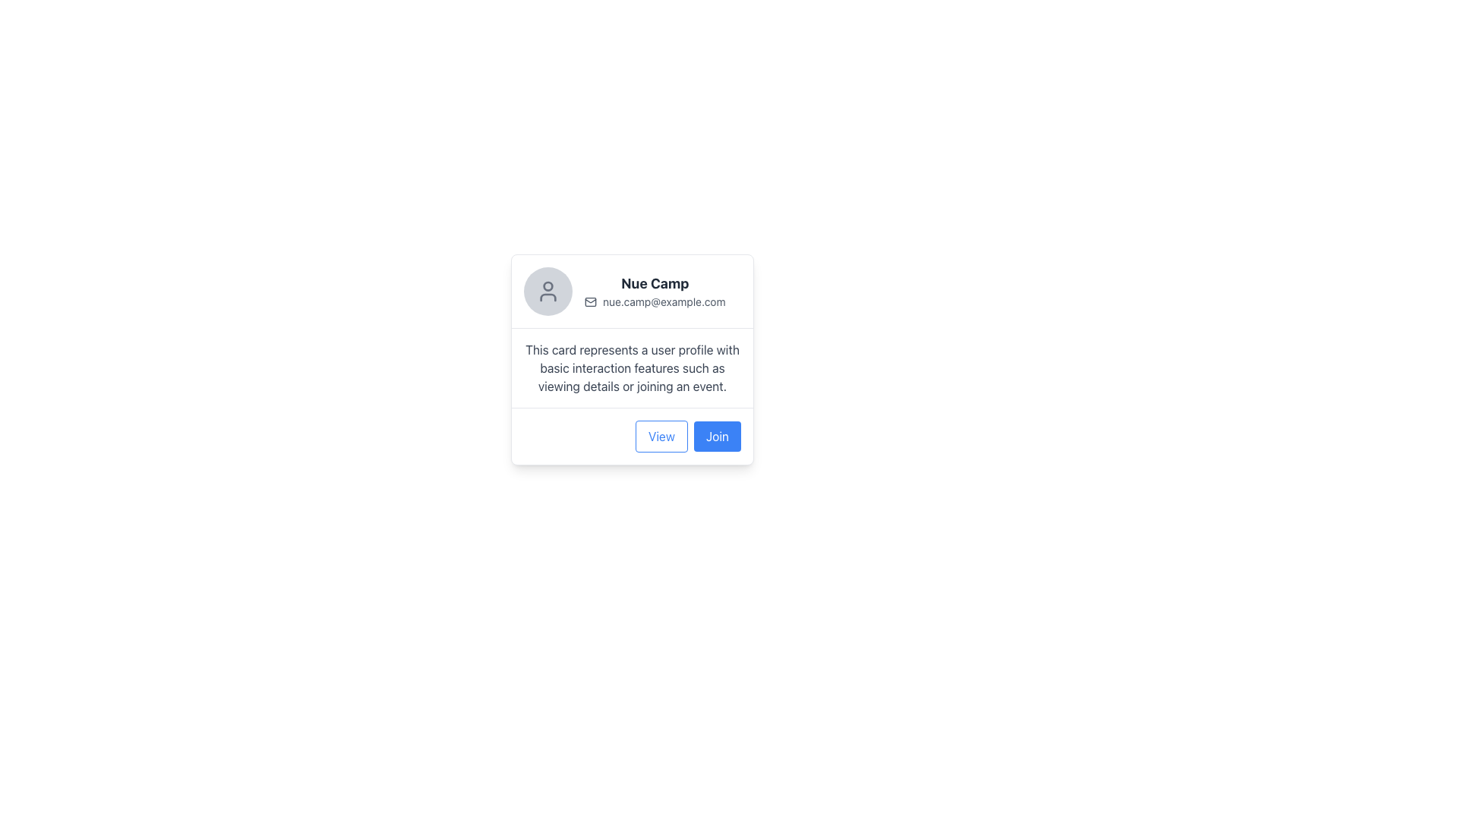 The height and width of the screenshot is (820, 1458). What do you see at coordinates (655, 301) in the screenshot?
I see `the static text element displaying the contact email, which is positioned below the bold title 'Nue Camp' and to the right of the envelope icon` at bounding box center [655, 301].